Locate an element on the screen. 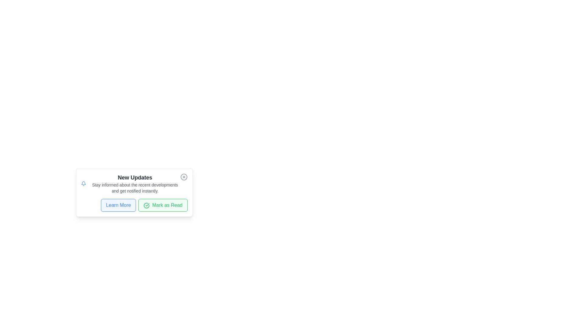  the decorative graphic (SVG circle) which is part of the close button icon located at the top-right corner of the notification card titled 'New Updates' is located at coordinates (183, 177).